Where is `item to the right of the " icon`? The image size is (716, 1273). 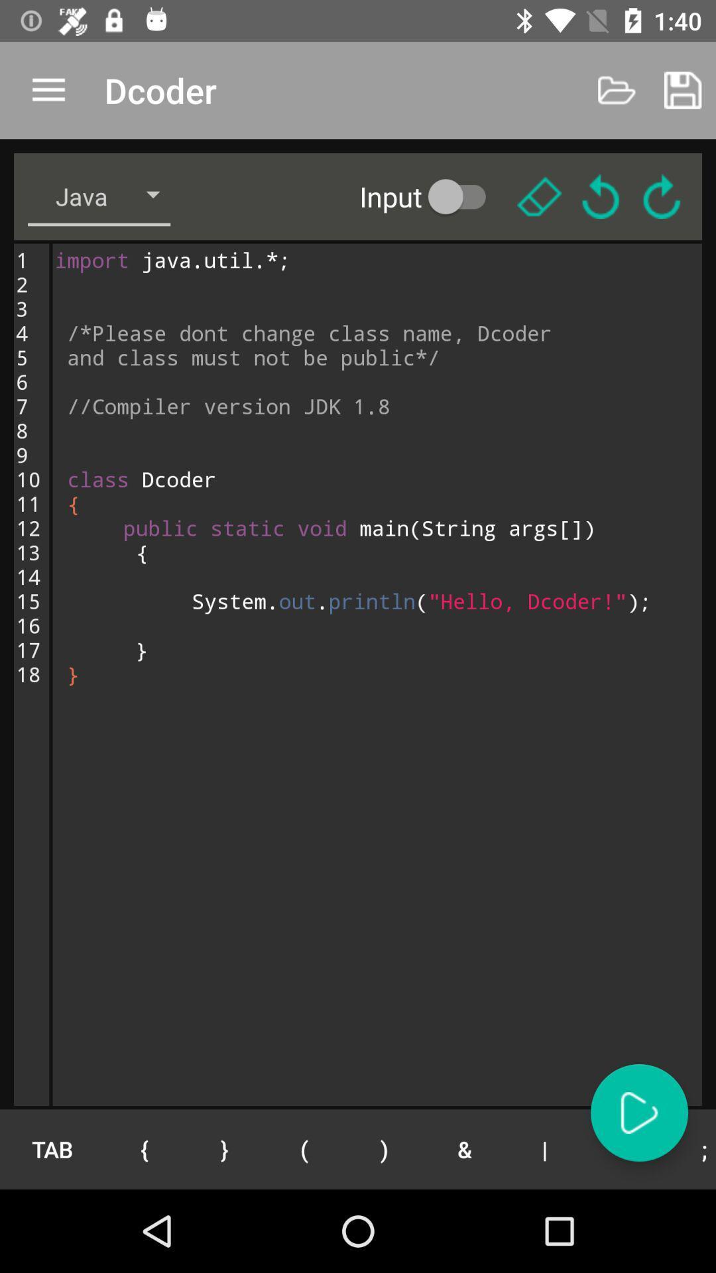 item to the right of the " icon is located at coordinates (689, 1148).